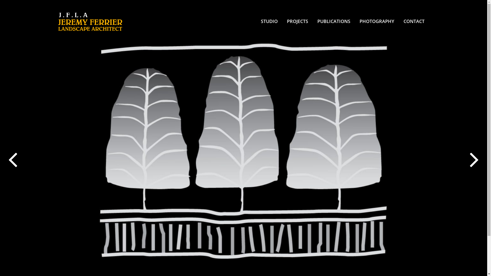 The height and width of the screenshot is (276, 491). What do you see at coordinates (297, 21) in the screenshot?
I see `'PROJECTS'` at bounding box center [297, 21].